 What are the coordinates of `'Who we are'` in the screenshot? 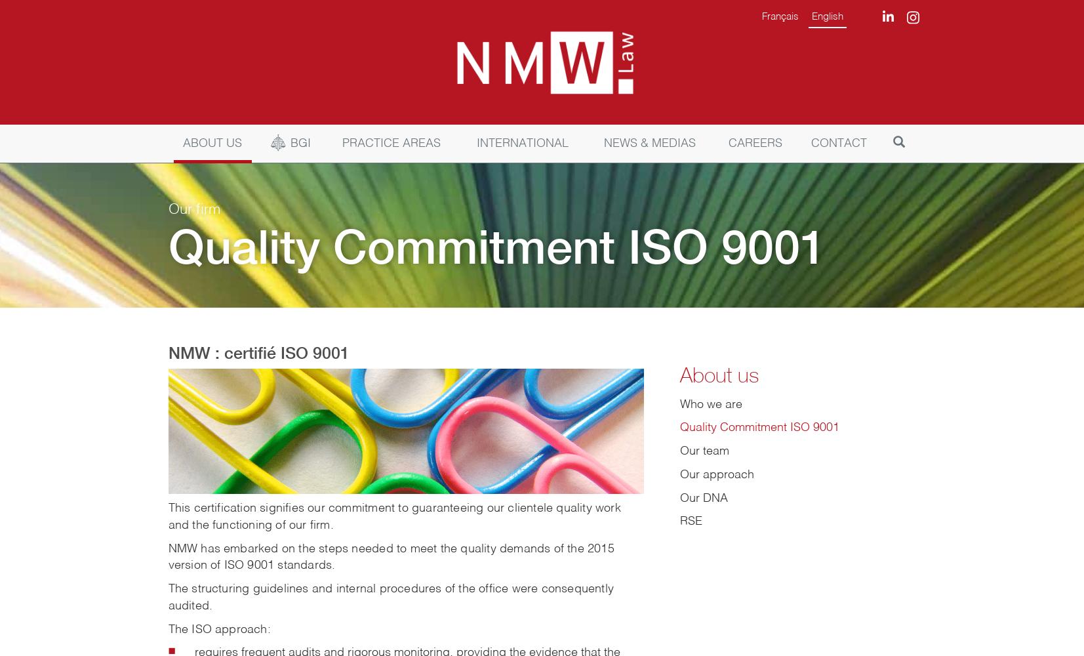 It's located at (710, 403).